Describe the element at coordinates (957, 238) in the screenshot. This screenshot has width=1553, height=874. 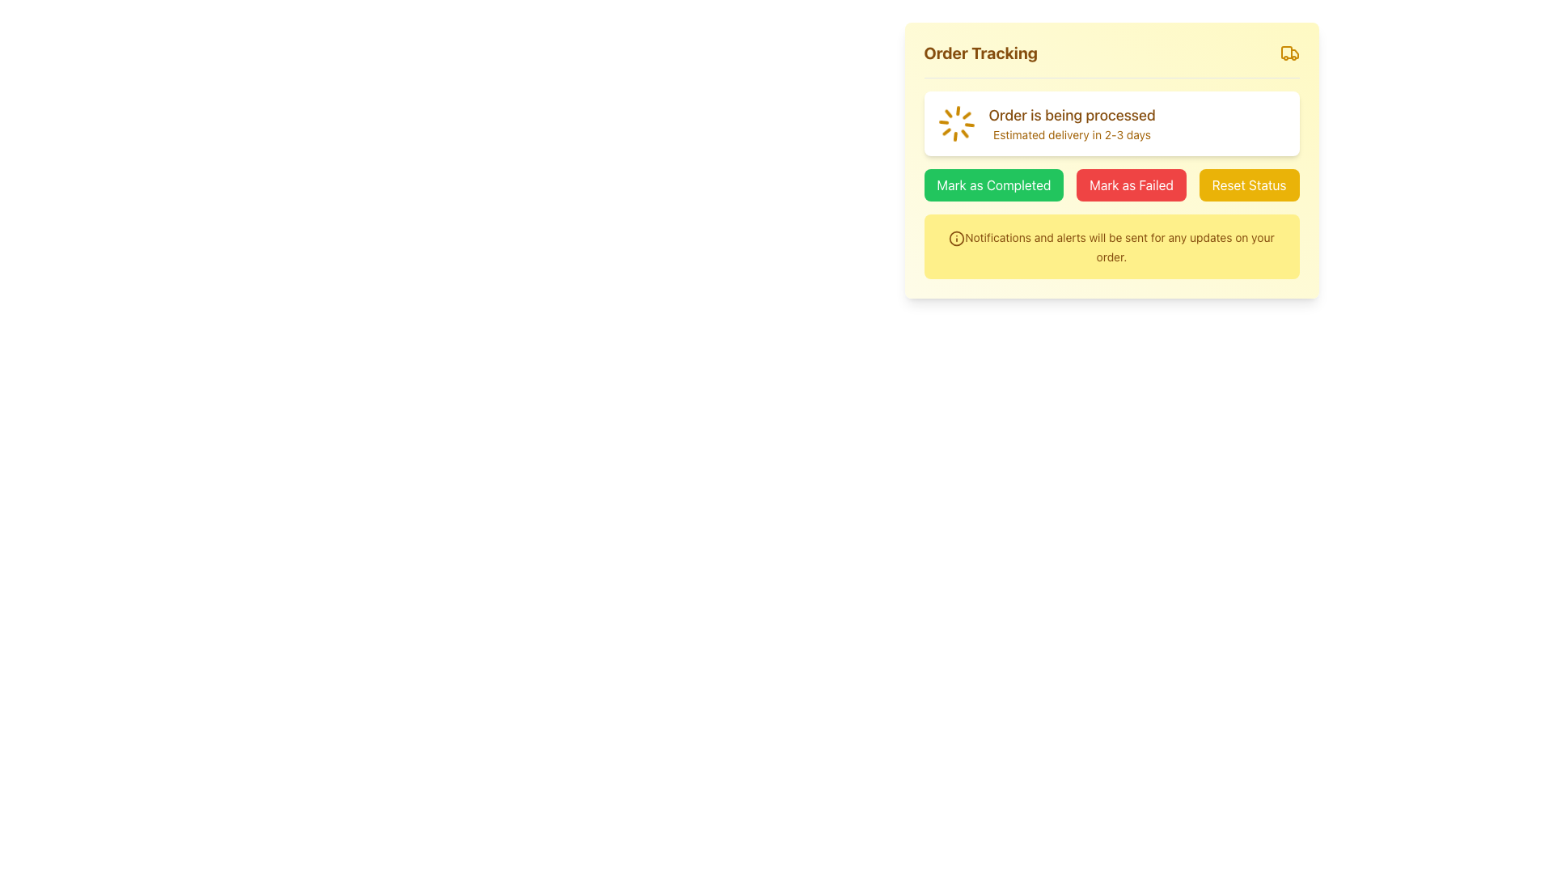
I see `the circular ring icon with a yellow border located in the top-left corner of the yellow notification box in the order tracking interface` at that location.